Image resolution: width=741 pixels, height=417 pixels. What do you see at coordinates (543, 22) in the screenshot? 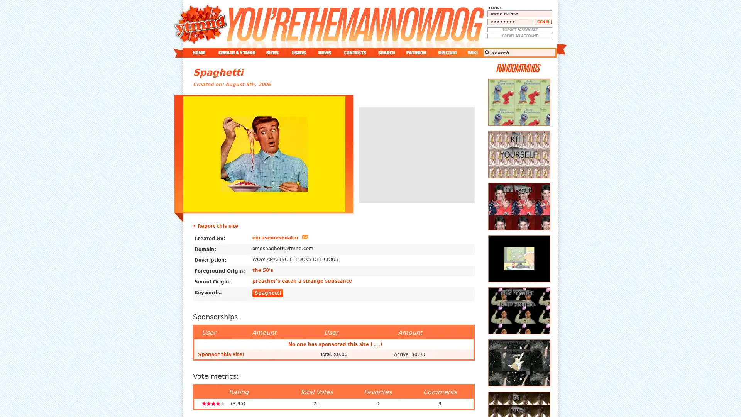
I see `sign in` at bounding box center [543, 22].